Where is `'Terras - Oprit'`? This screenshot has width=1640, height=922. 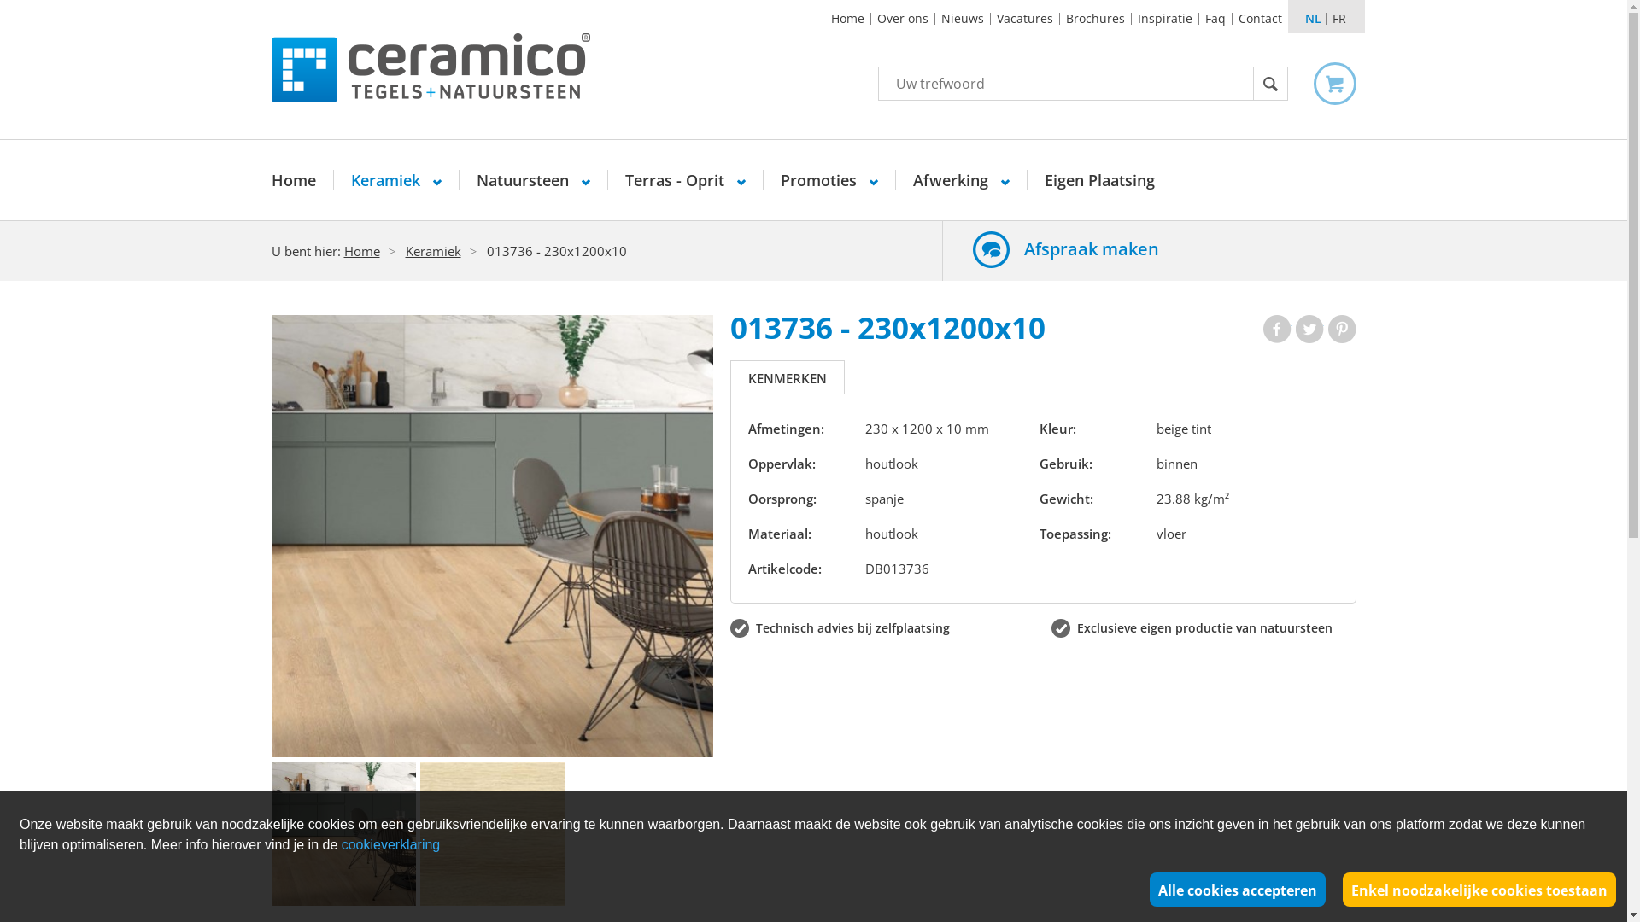
'Terras - Oprit' is located at coordinates (607, 180).